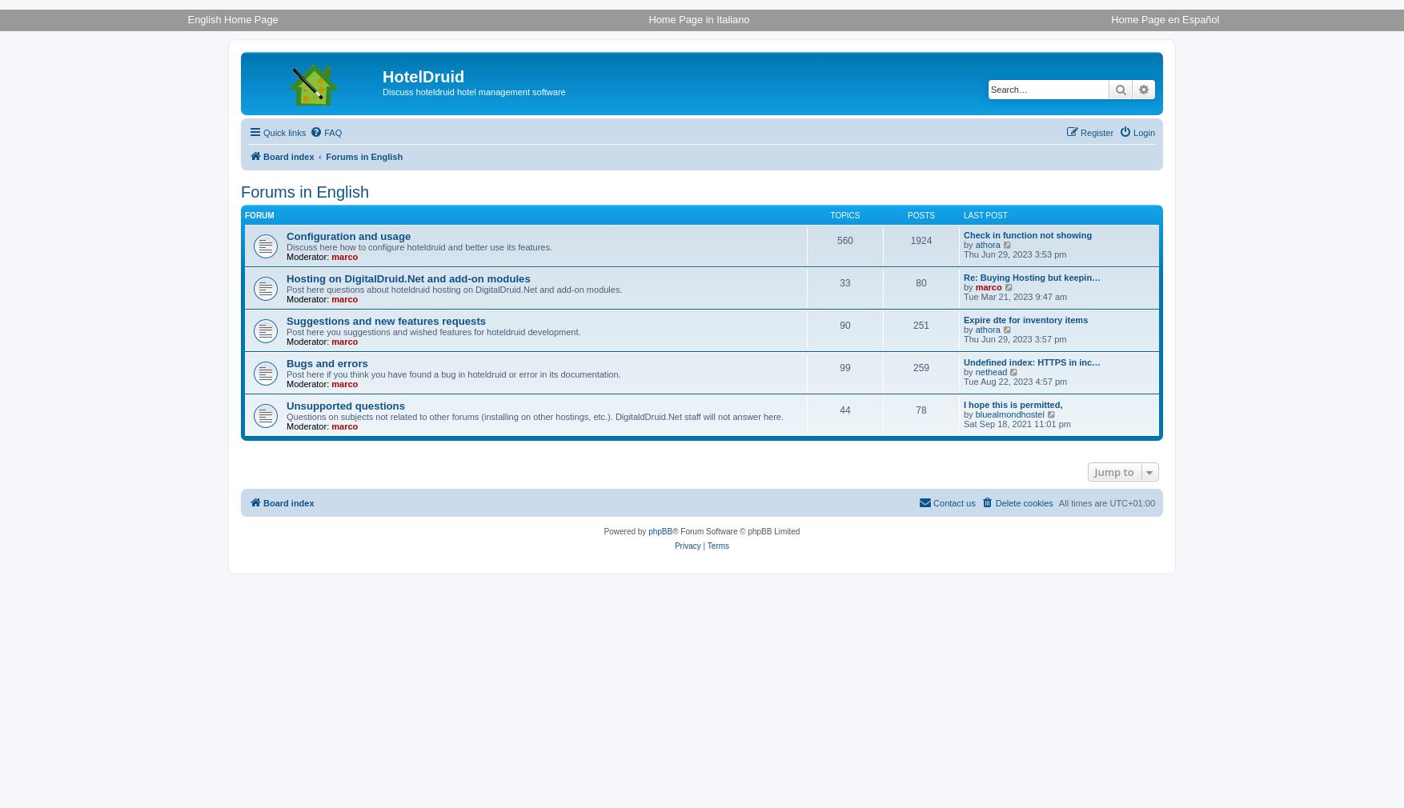 This screenshot has width=1404, height=808. Describe the element at coordinates (323, 131) in the screenshot. I see `'FAQ'` at that location.